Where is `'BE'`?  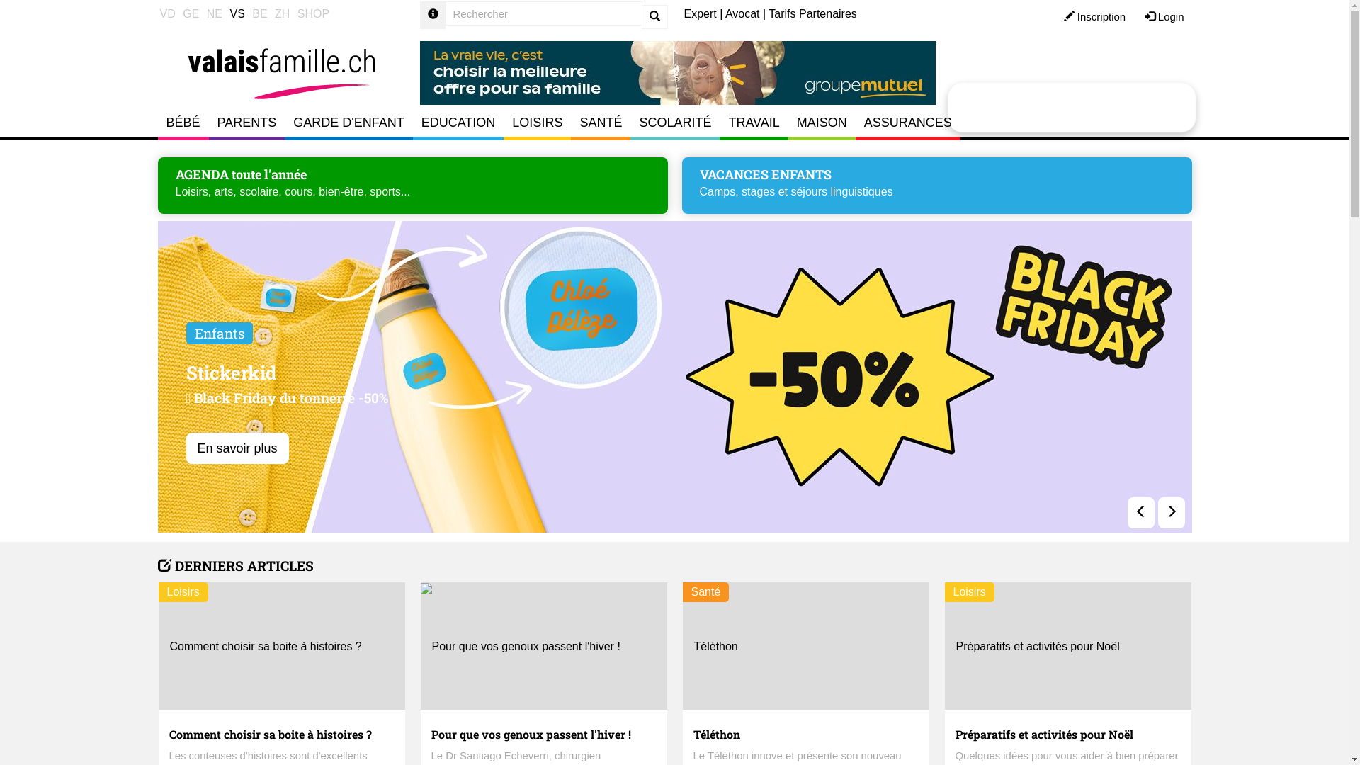
'BE' is located at coordinates (259, 14).